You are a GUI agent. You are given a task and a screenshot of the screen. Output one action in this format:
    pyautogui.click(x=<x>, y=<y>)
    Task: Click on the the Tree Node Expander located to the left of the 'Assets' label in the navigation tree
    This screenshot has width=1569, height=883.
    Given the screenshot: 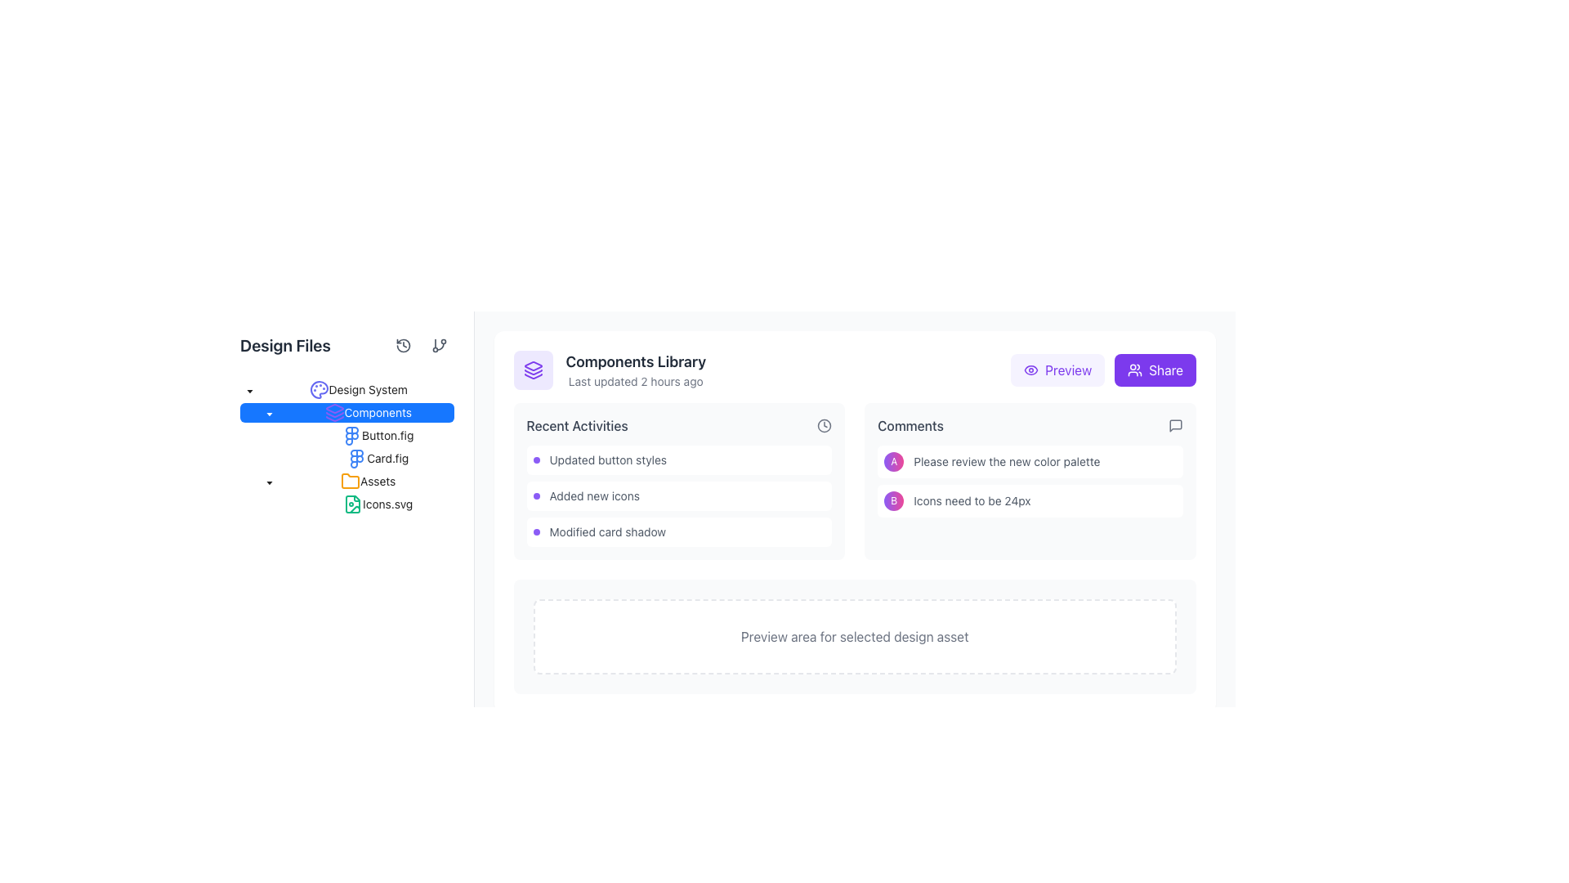 What is the action you would take?
    pyautogui.click(x=270, y=481)
    